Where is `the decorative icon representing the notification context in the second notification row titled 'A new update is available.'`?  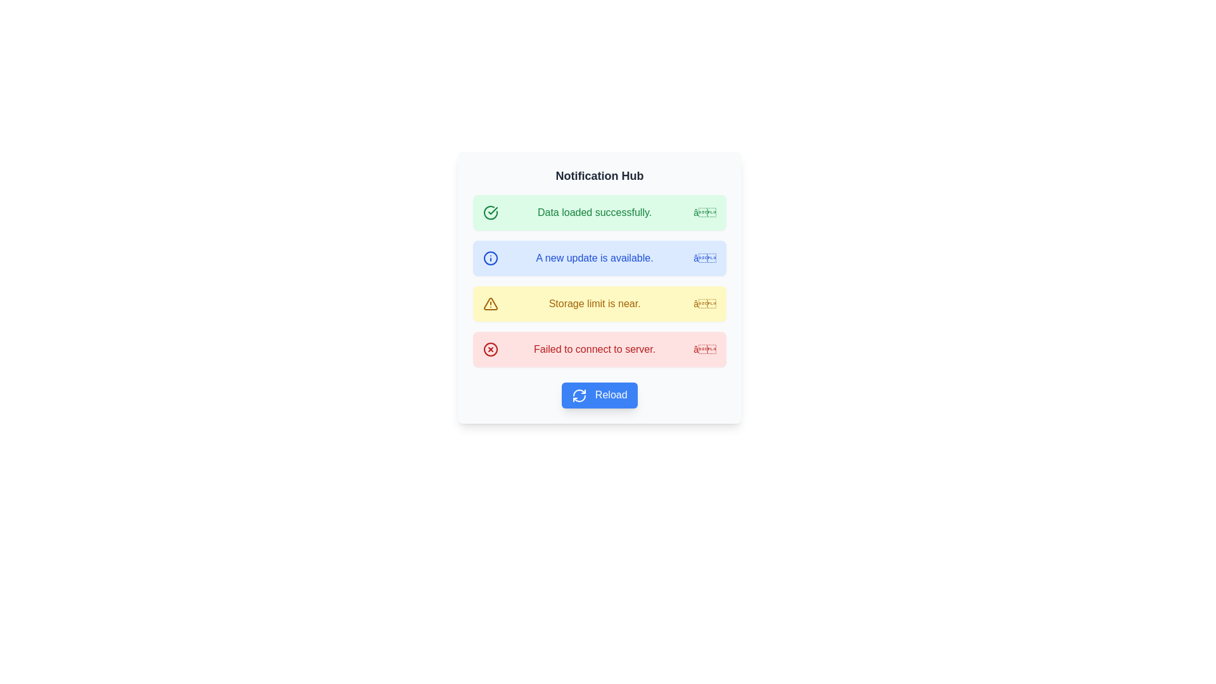
the decorative icon representing the notification context in the second notification row titled 'A new update is available.' is located at coordinates (490, 258).